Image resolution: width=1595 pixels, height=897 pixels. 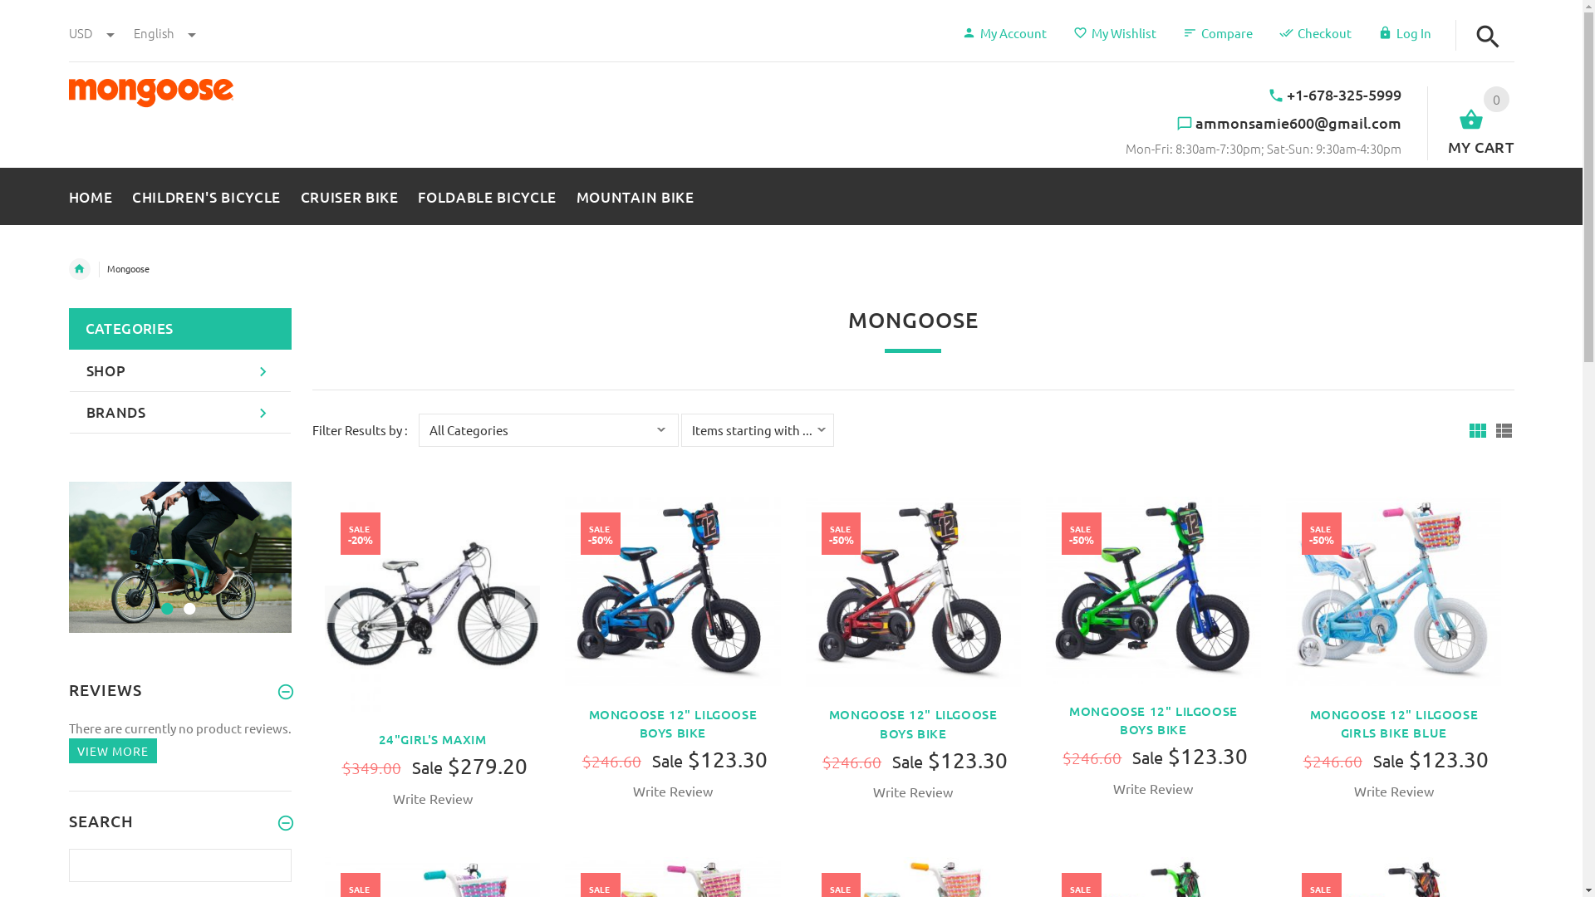 What do you see at coordinates (1151, 787) in the screenshot?
I see `' Write Review '` at bounding box center [1151, 787].